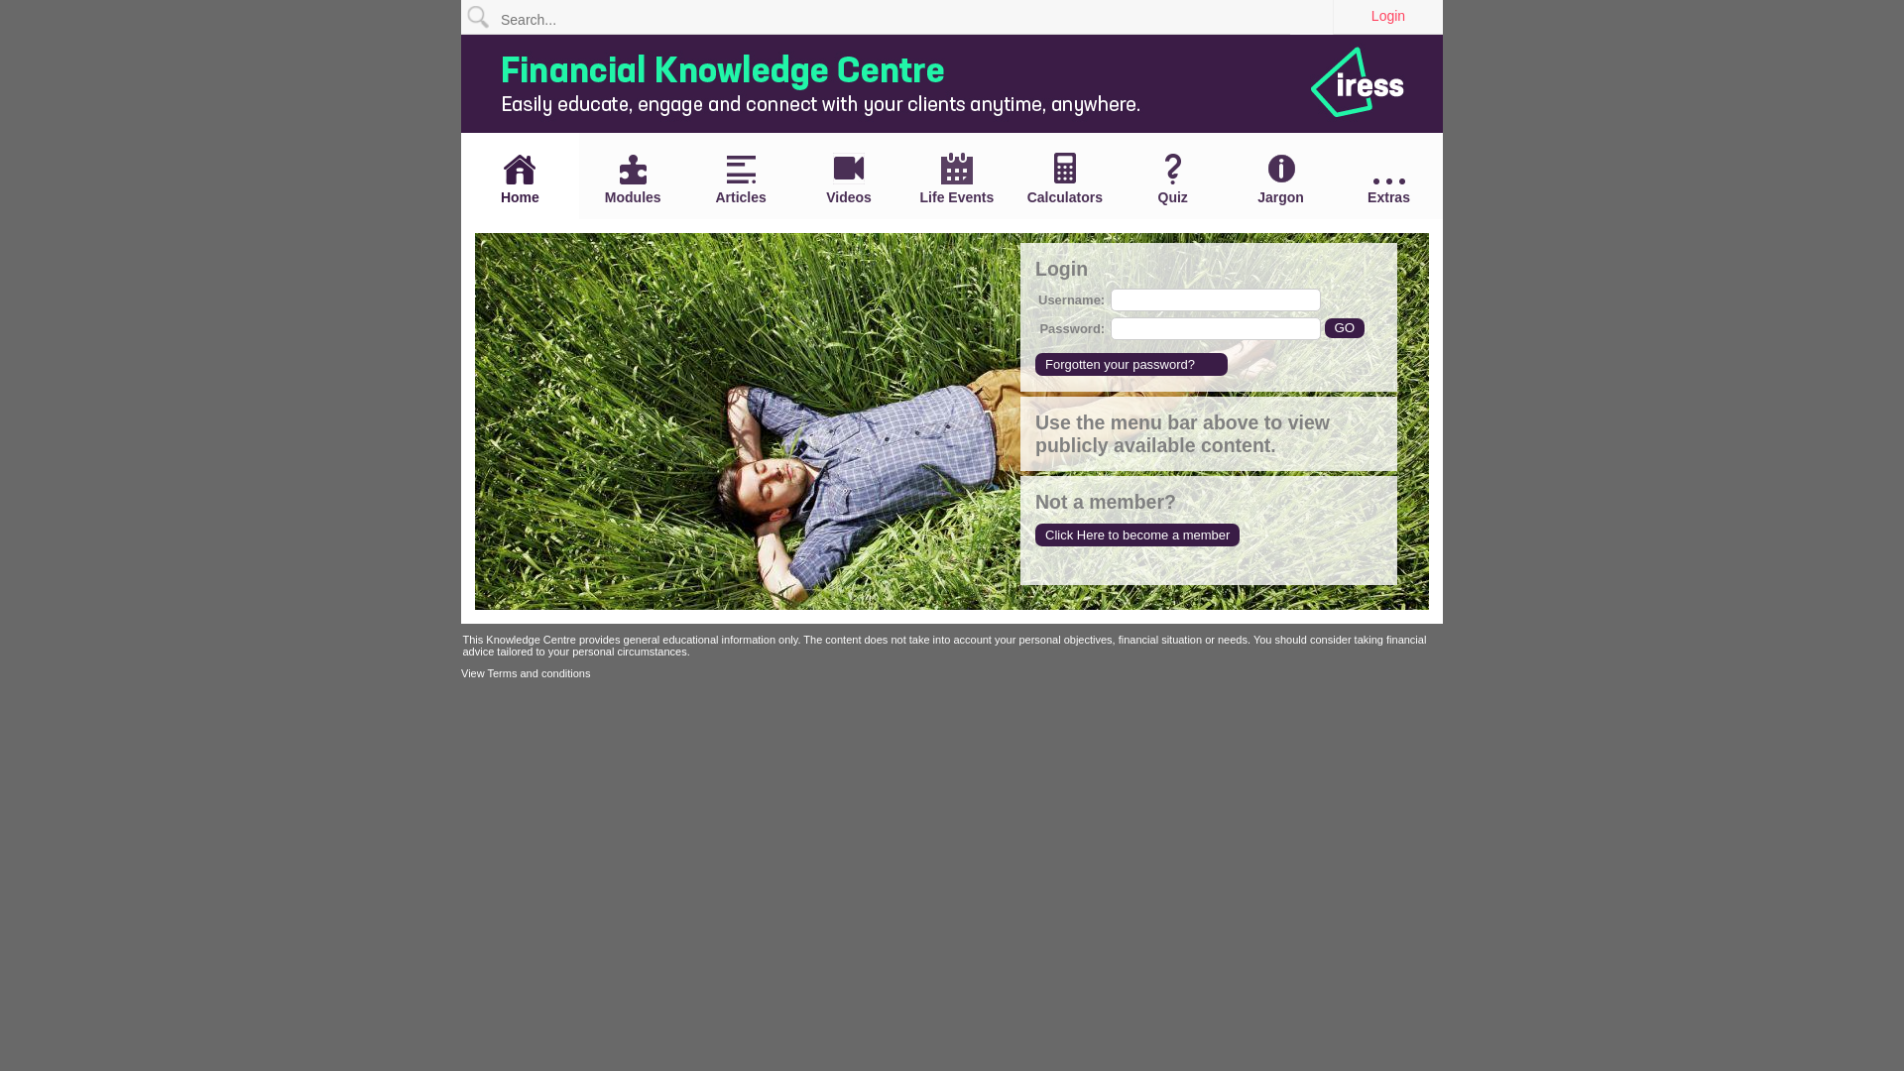 The width and height of the screenshot is (1904, 1071). I want to click on 'Extras', so click(1387, 191).